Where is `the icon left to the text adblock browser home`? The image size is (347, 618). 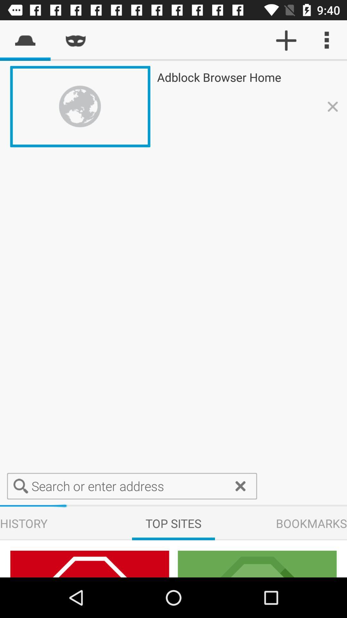 the icon left to the text adblock browser home is located at coordinates (257, 564).